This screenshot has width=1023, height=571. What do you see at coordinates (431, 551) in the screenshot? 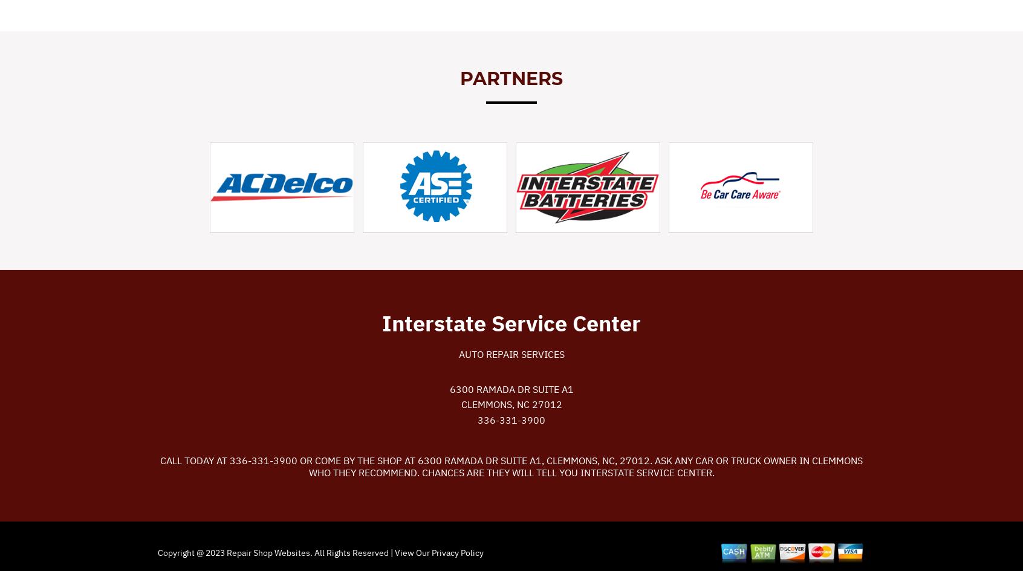
I see `'Privacy Policy'` at bounding box center [431, 551].